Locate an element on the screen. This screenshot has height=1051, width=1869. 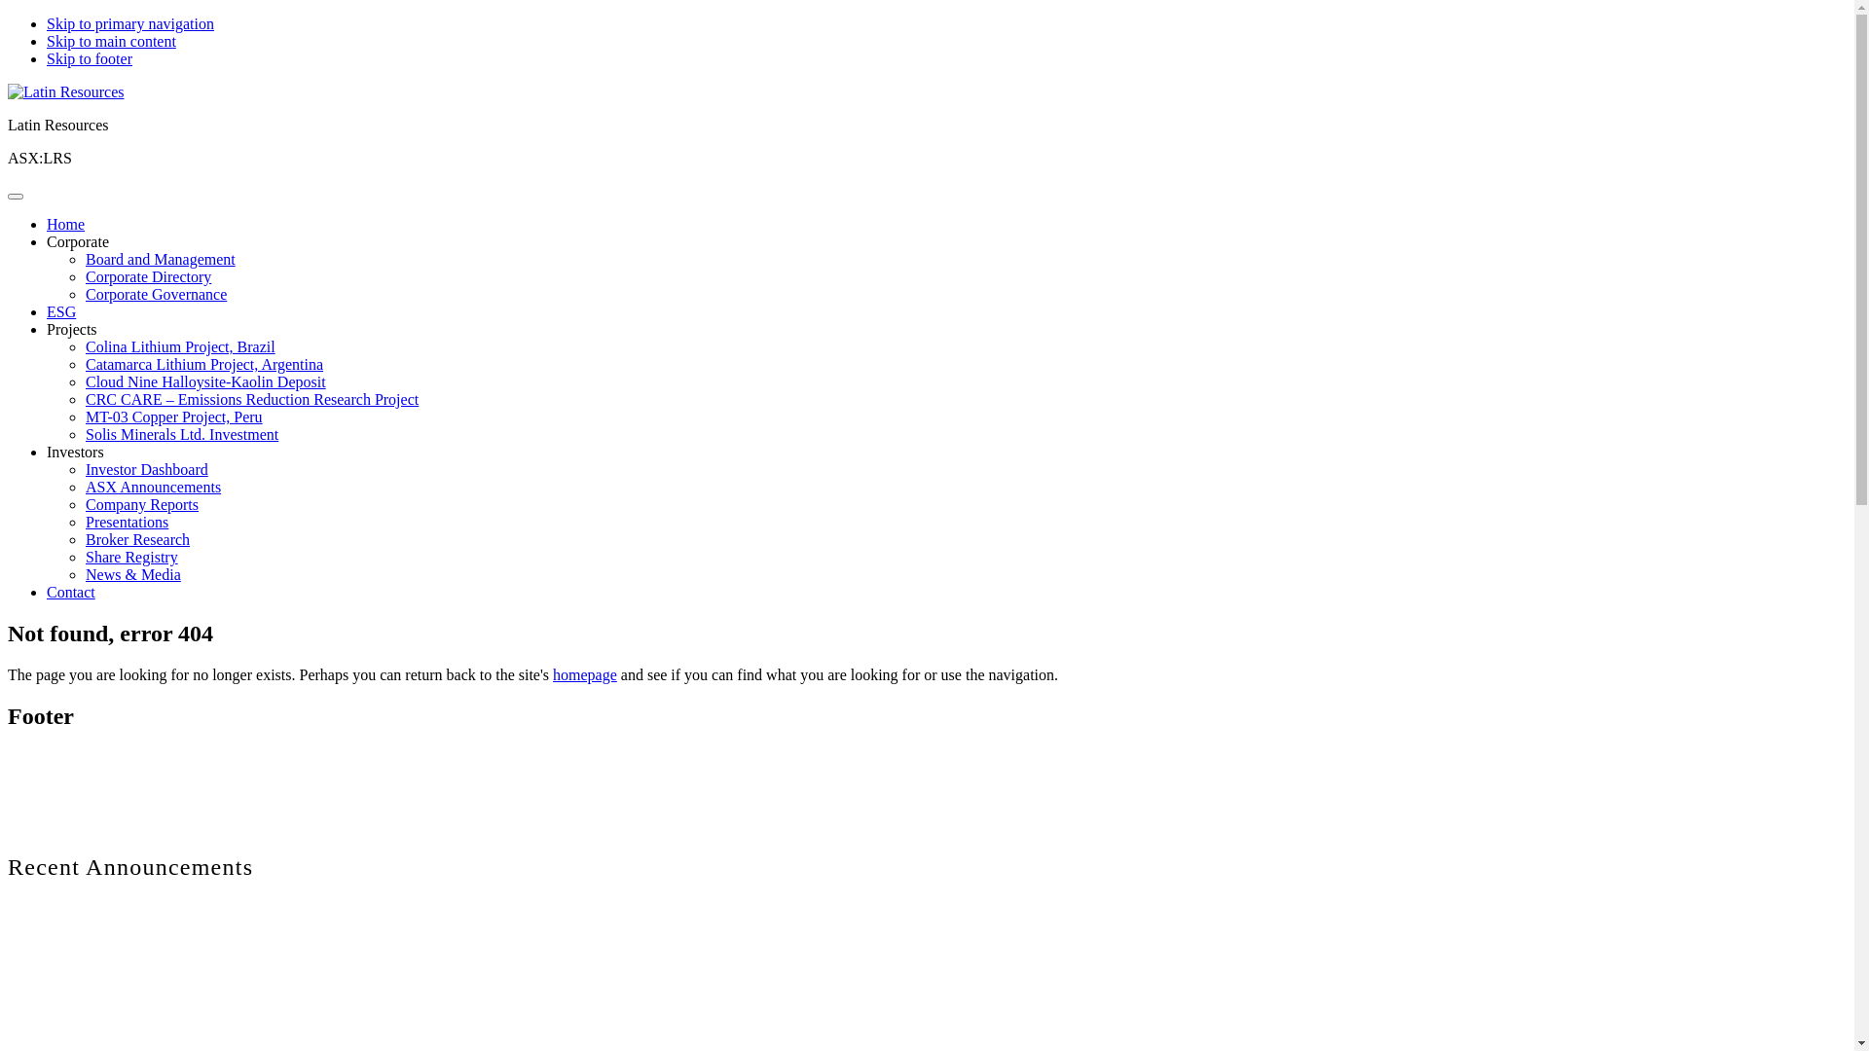
'Presentations' is located at coordinates (126, 521).